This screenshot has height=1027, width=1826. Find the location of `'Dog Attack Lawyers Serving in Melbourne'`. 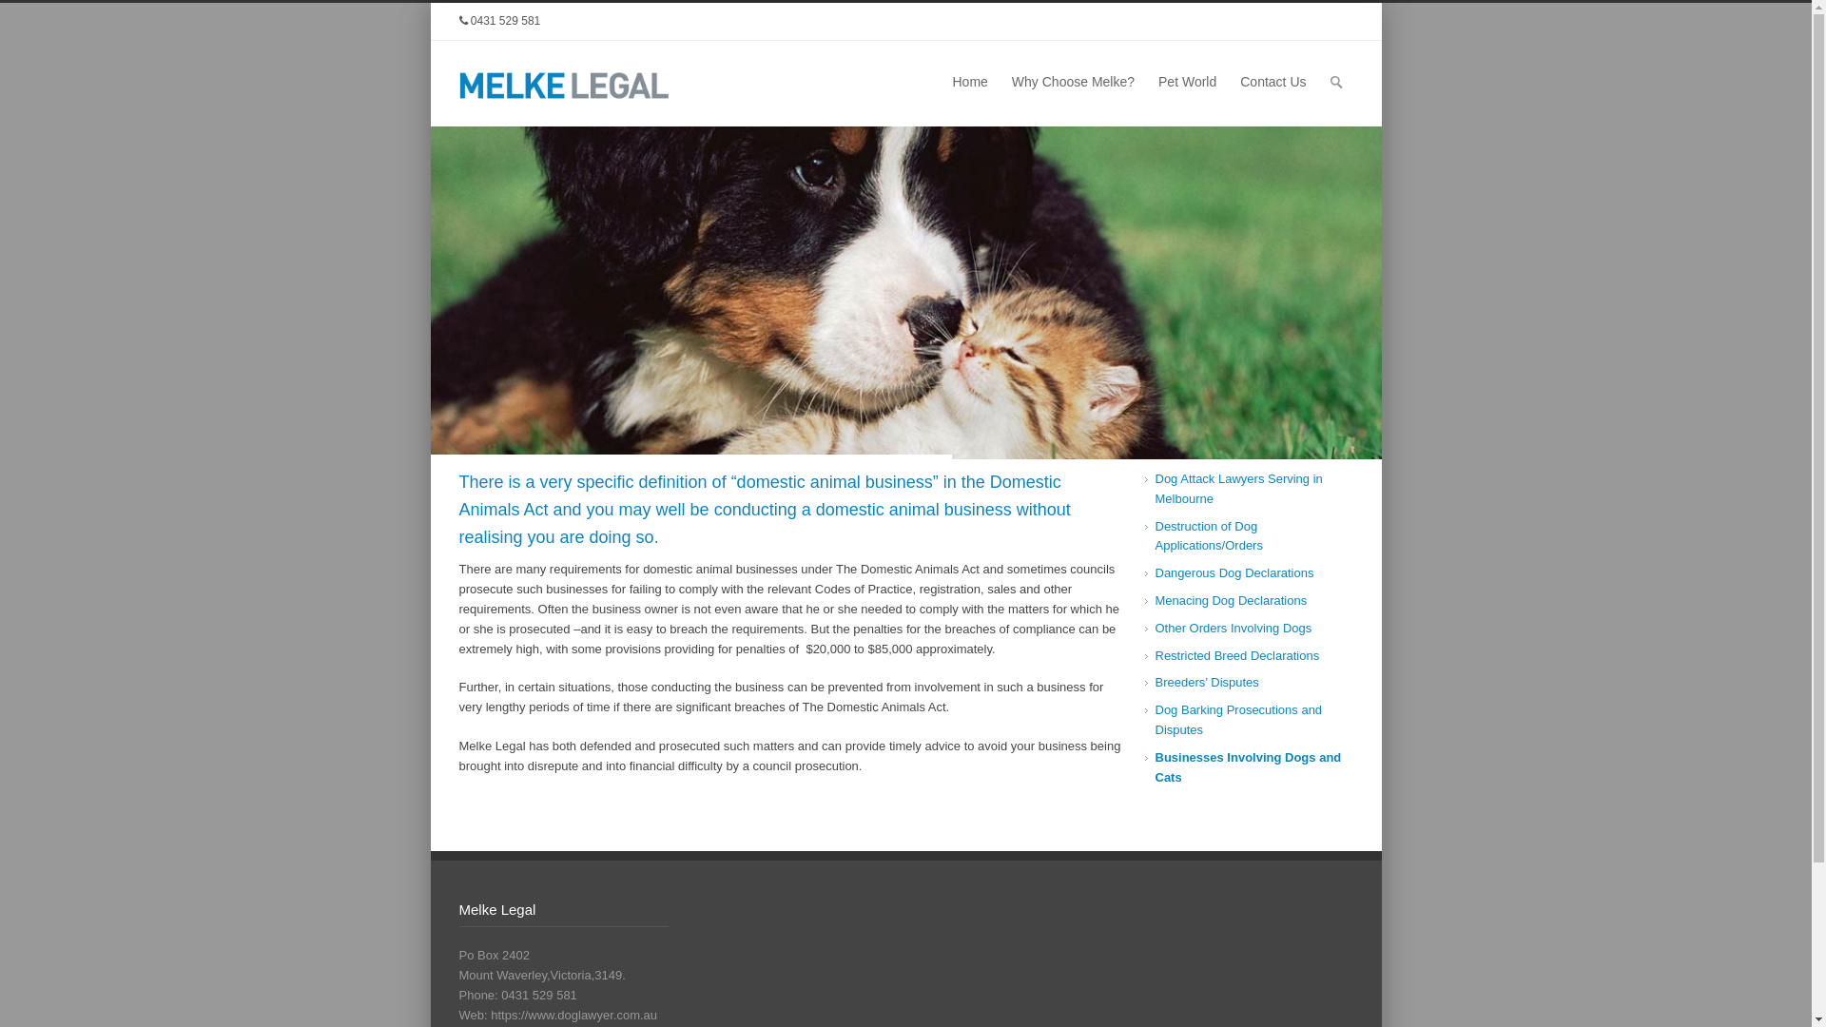

'Dog Attack Lawyers Serving in Melbourne' is located at coordinates (1237, 487).